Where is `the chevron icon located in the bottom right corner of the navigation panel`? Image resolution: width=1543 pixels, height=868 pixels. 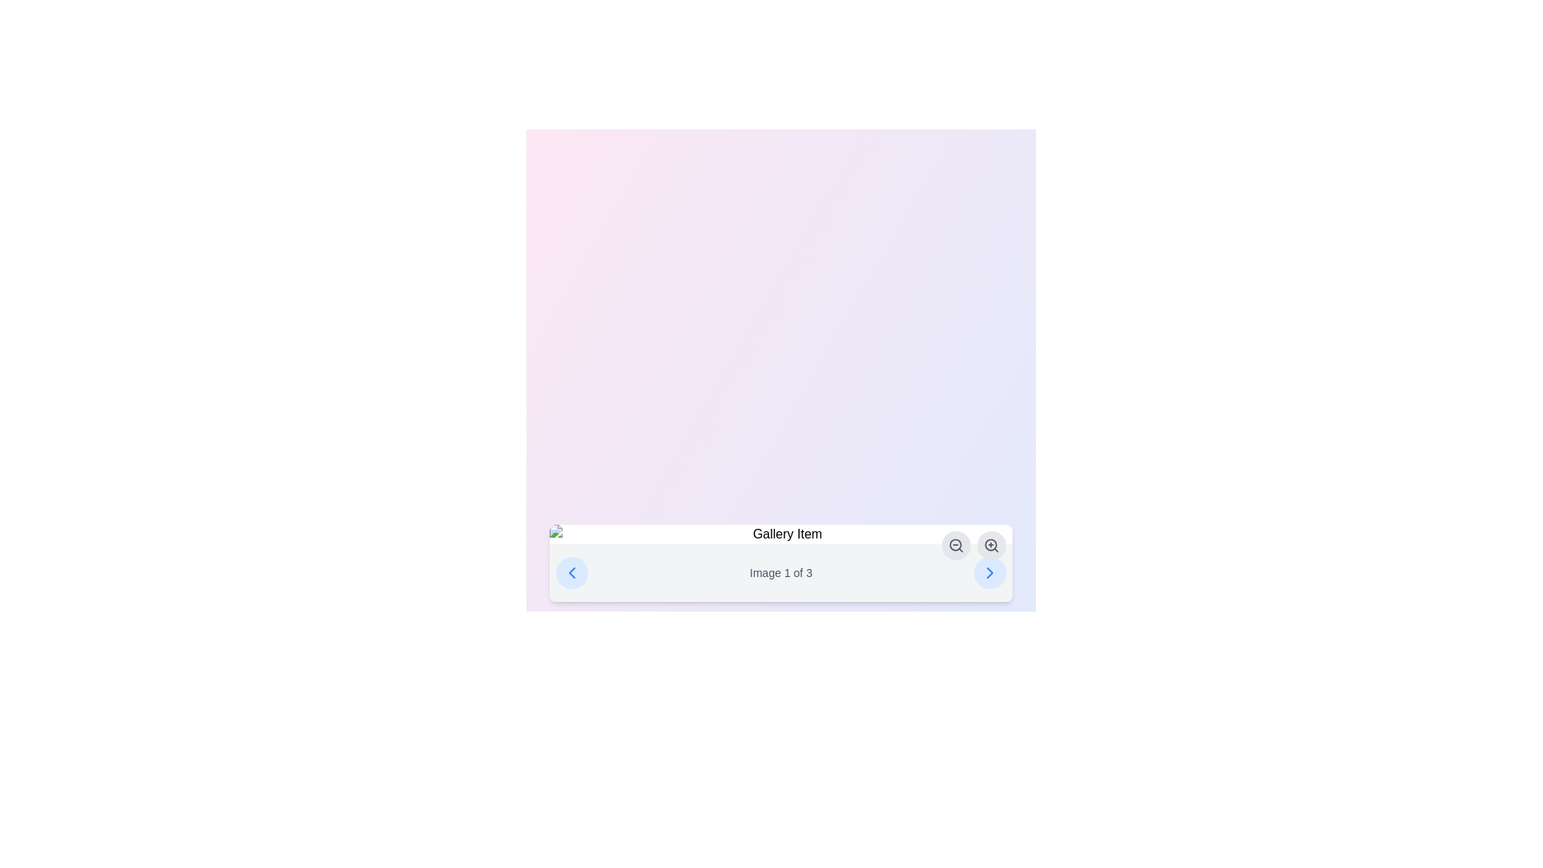
the chevron icon located in the bottom right corner of the navigation panel is located at coordinates (989, 572).